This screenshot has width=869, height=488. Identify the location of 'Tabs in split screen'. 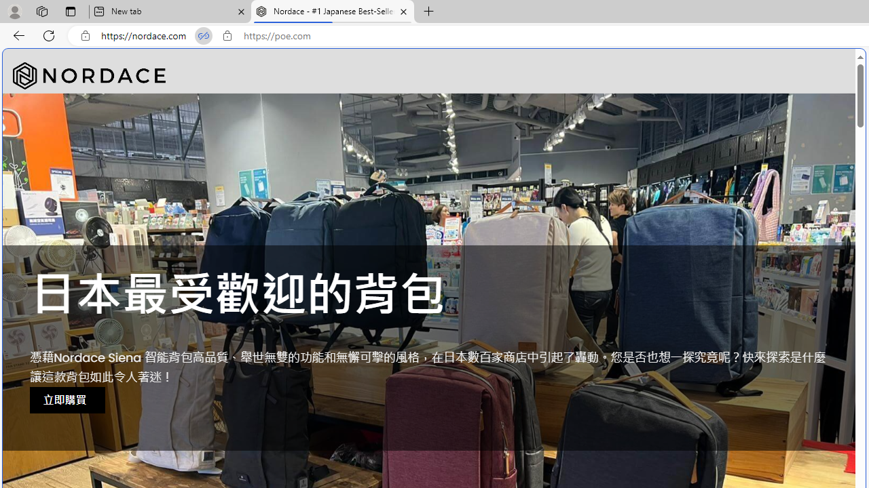
(203, 35).